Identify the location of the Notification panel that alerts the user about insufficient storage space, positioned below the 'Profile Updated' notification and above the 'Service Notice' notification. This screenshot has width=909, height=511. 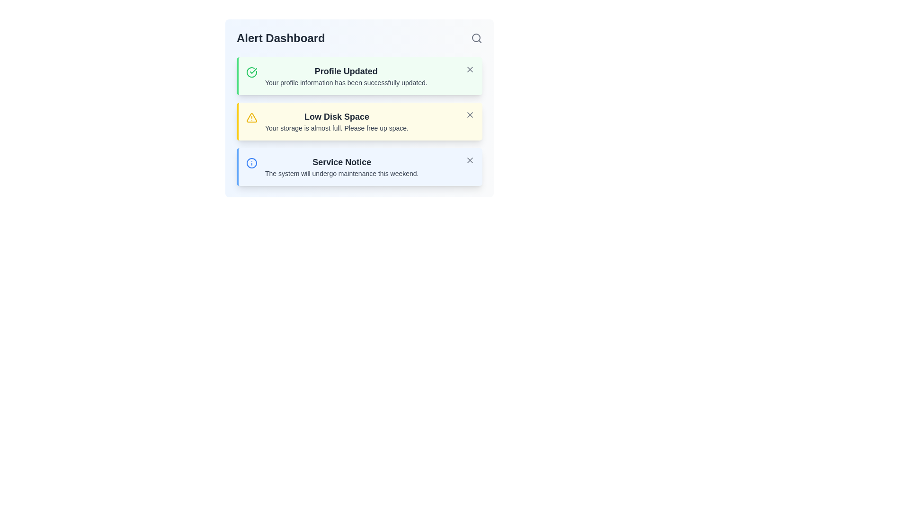
(359, 107).